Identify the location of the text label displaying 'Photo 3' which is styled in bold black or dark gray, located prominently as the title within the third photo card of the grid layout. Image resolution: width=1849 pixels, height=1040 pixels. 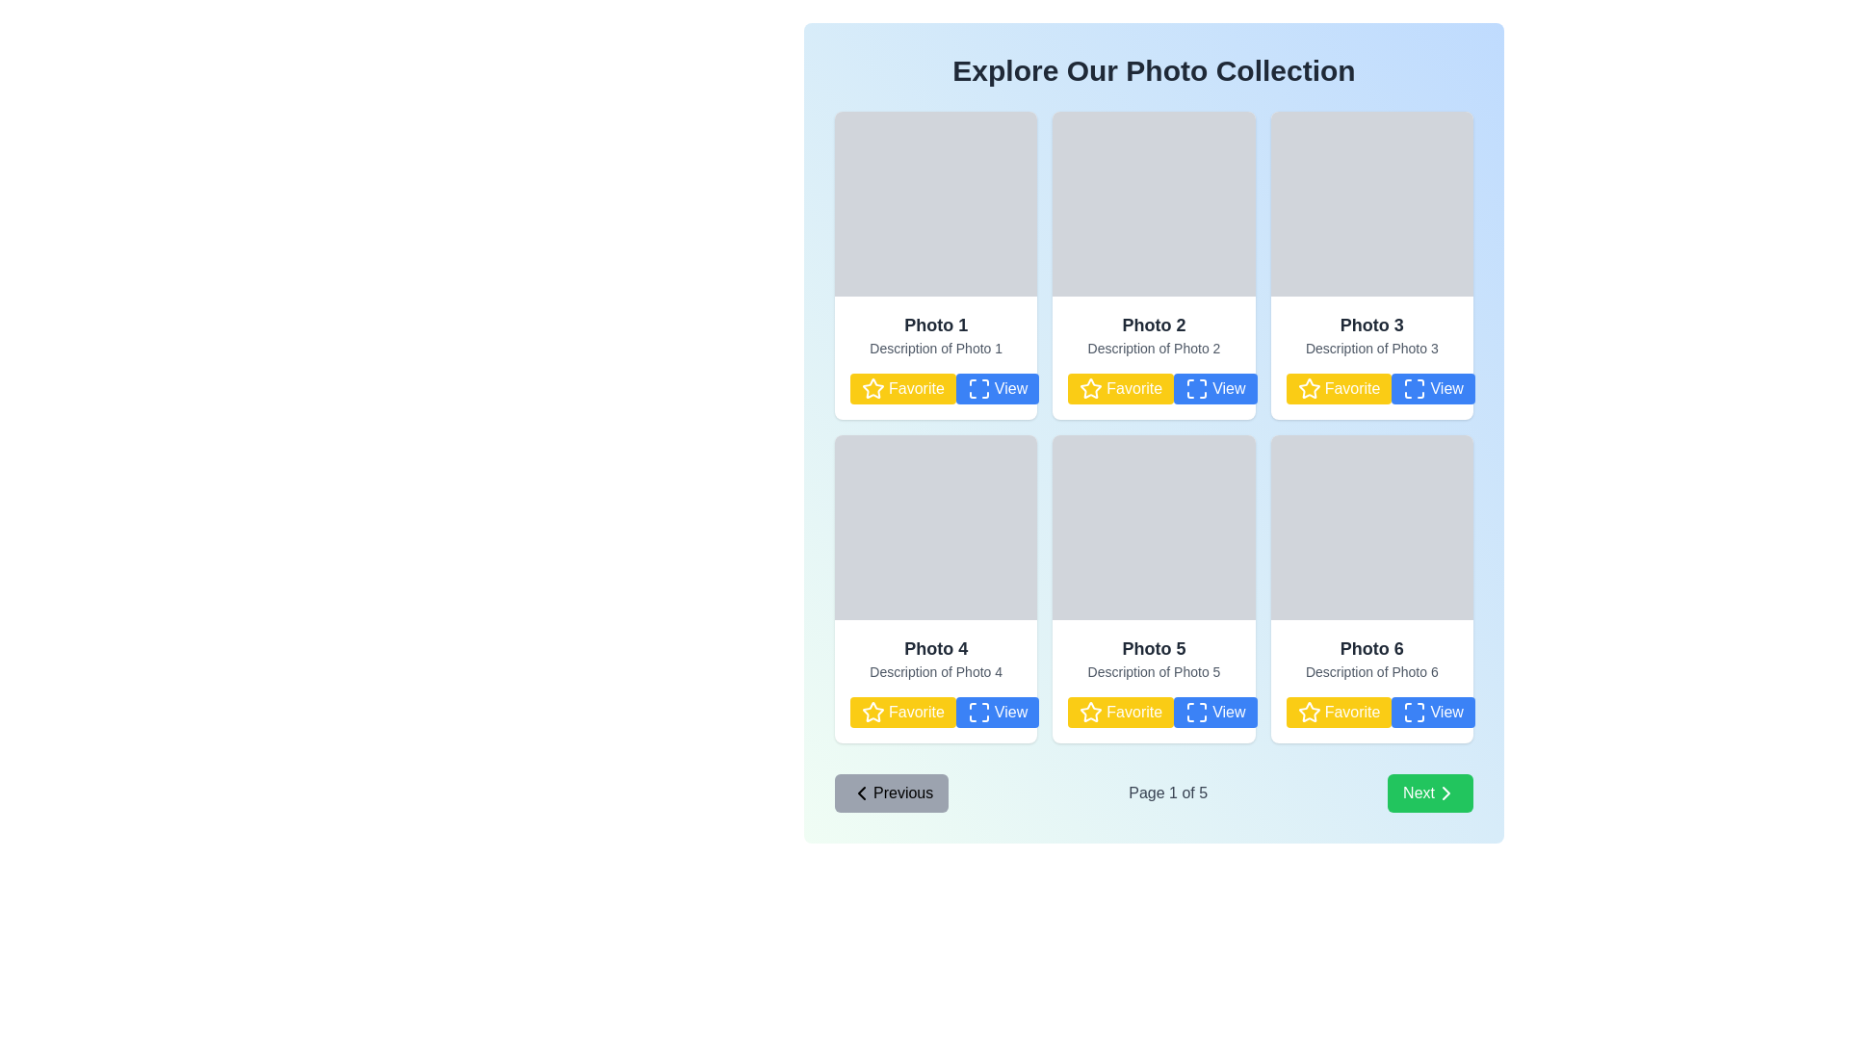
(1370, 325).